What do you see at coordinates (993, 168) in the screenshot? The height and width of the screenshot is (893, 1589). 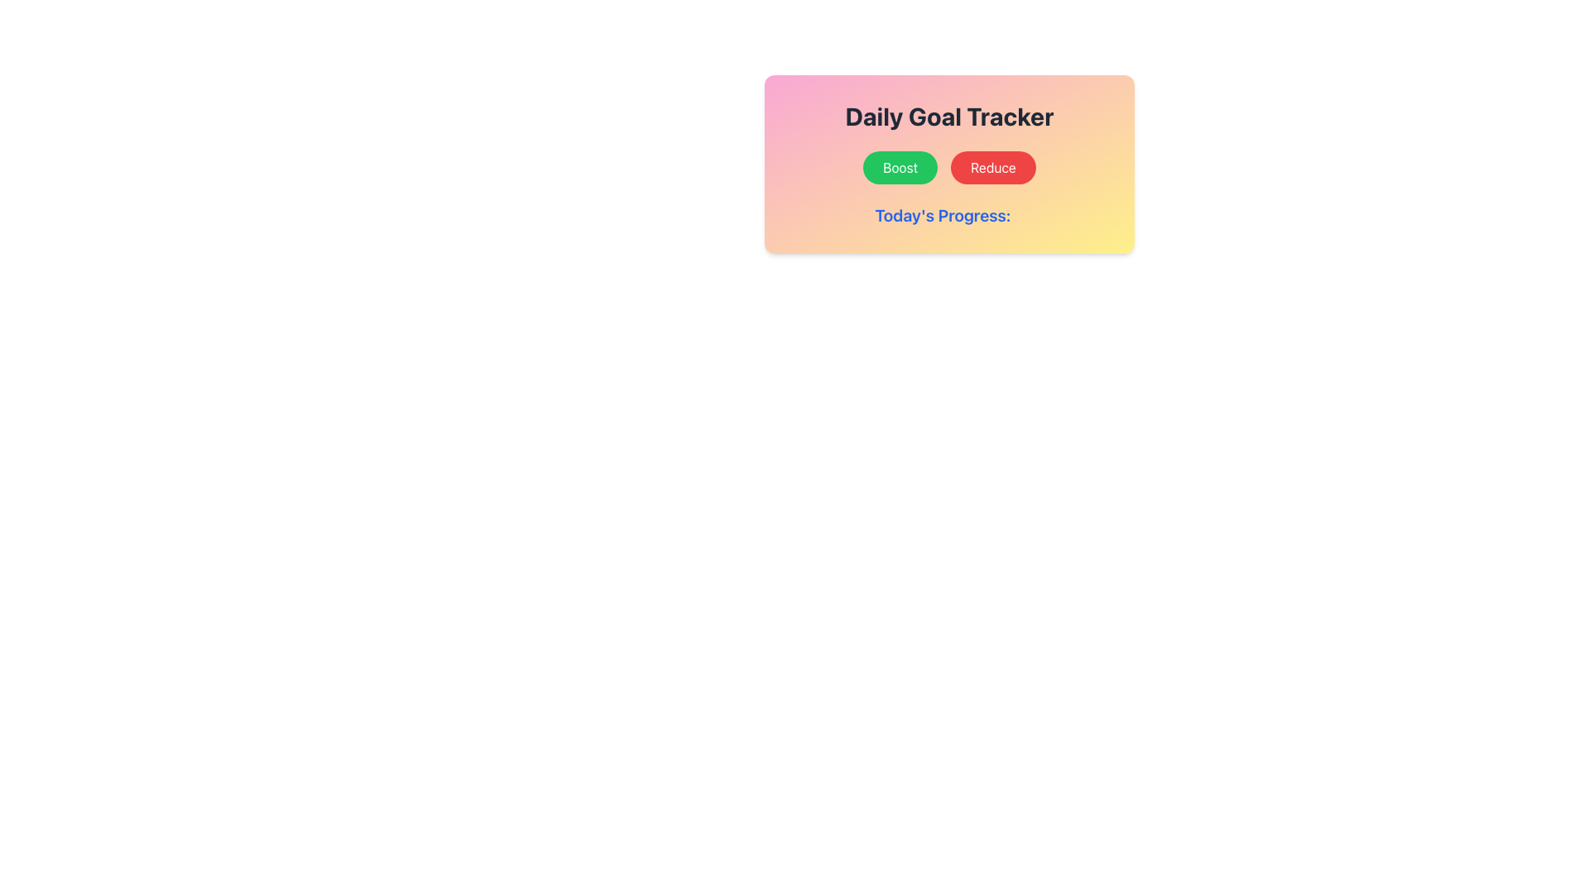 I see `the rightmost button labeled 'Reduce' with a red background` at bounding box center [993, 168].